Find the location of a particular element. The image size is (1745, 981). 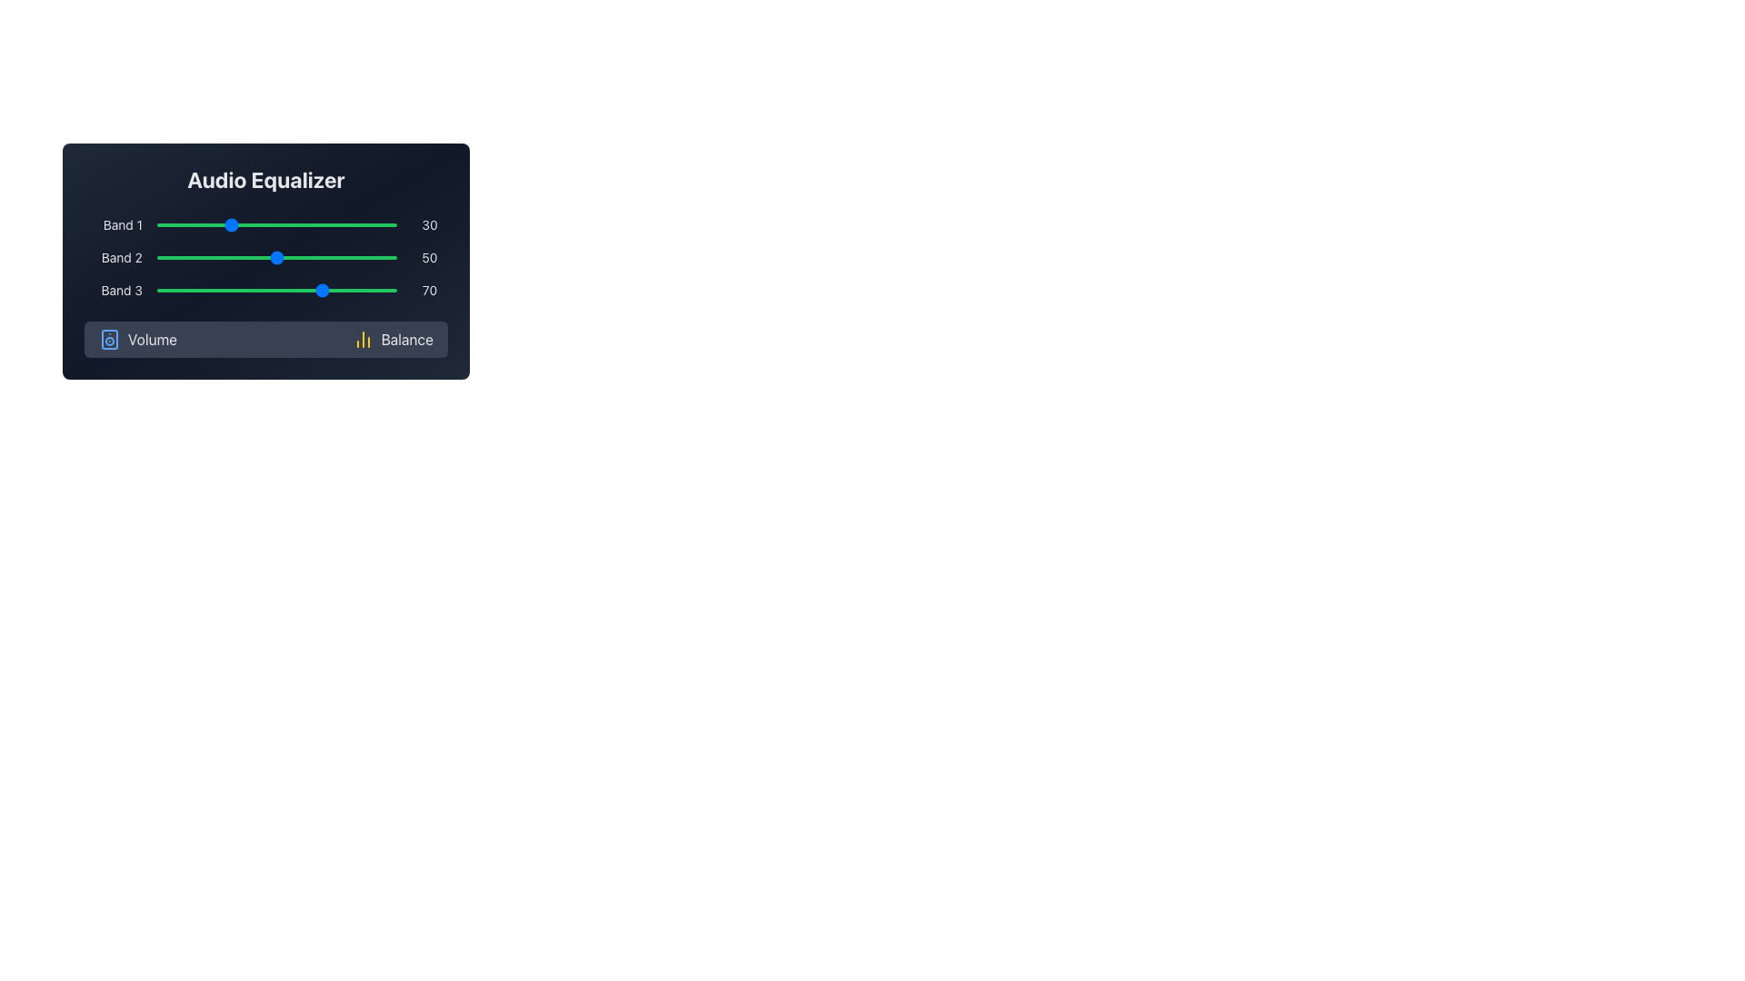

the slider labeled 'Band 1' is located at coordinates (382, 223).